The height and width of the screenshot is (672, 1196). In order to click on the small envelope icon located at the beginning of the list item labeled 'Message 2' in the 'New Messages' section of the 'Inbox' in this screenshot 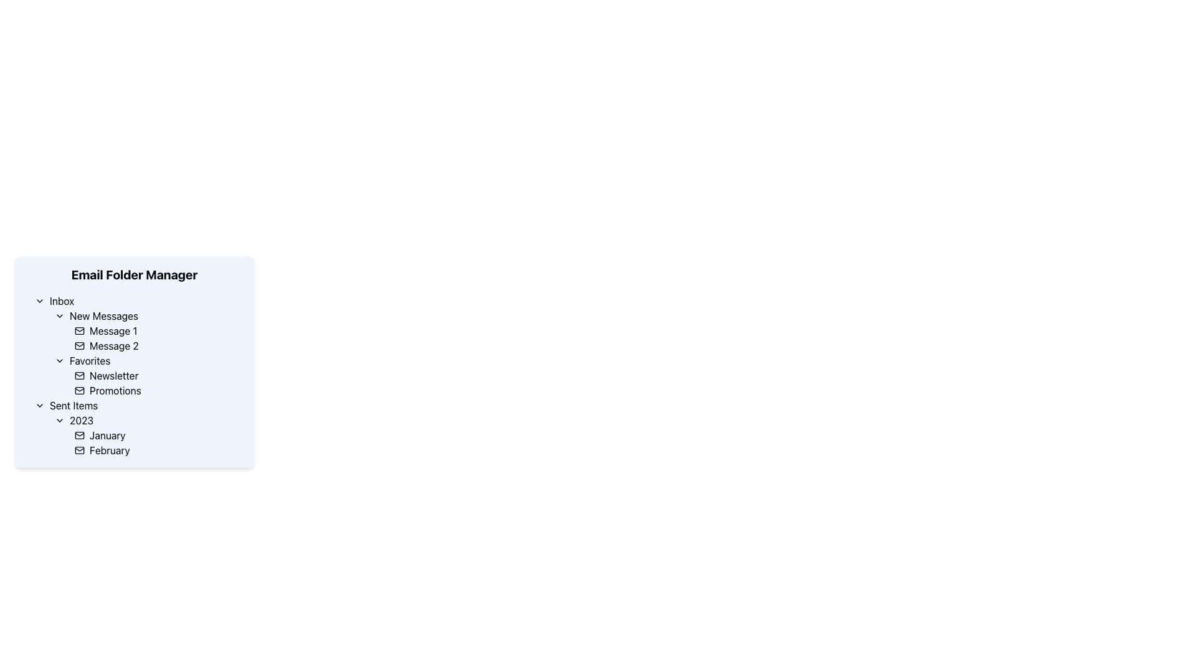, I will do `click(79, 345)`.